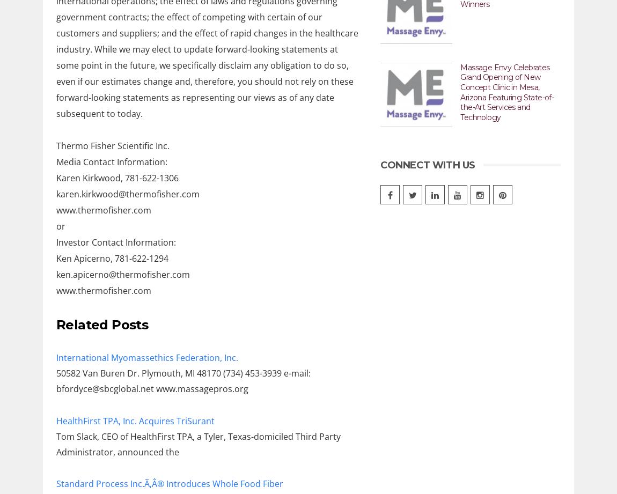 The height and width of the screenshot is (494, 617). I want to click on 'Standard Process Inc.Ã‚Â® Introduces Whole Food Fiber', so click(170, 483).